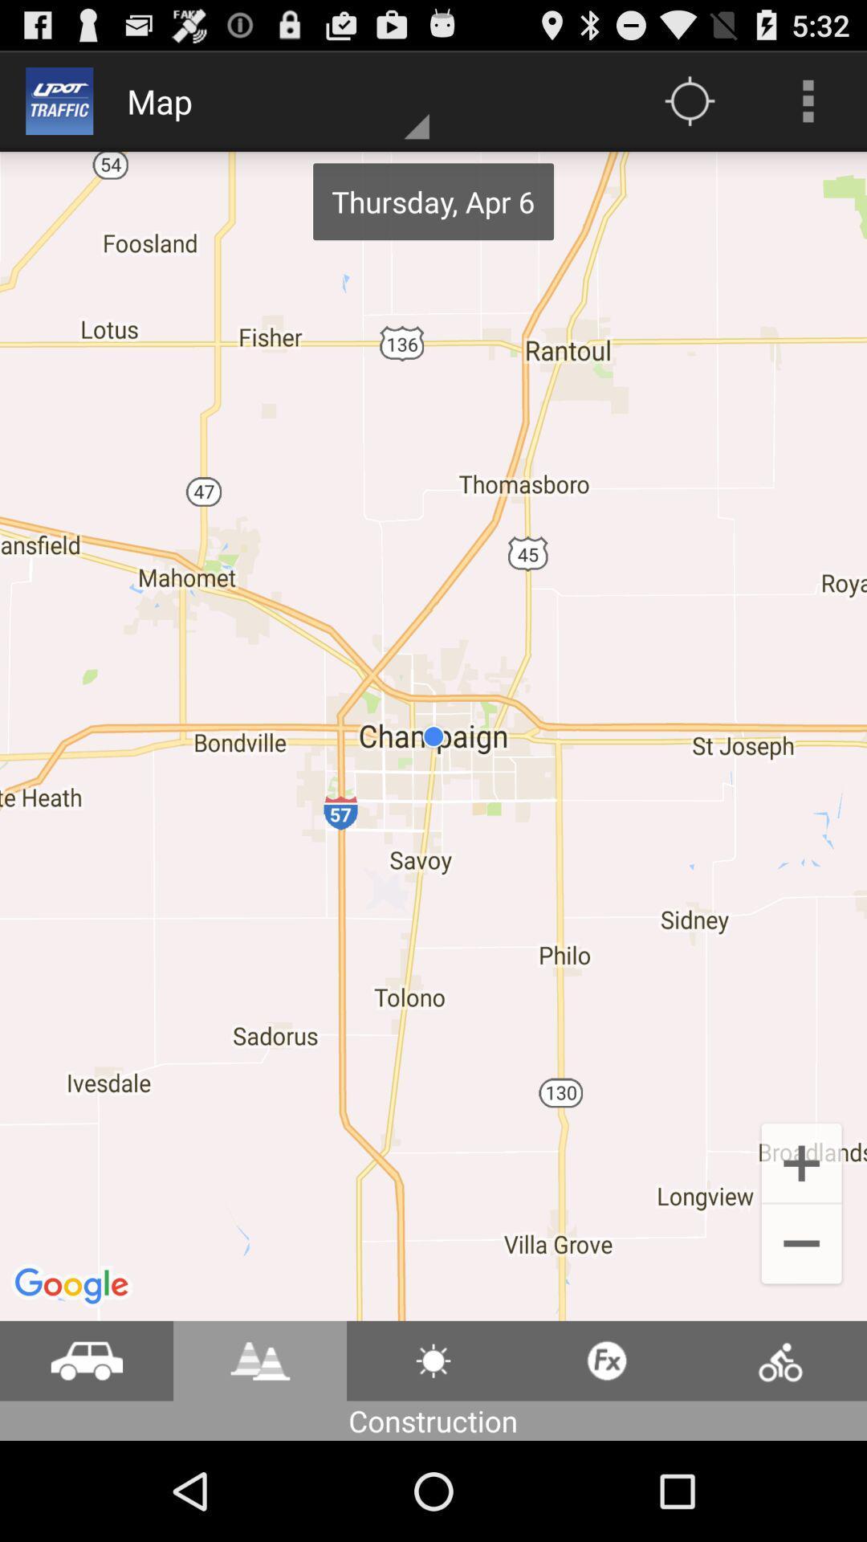 The image size is (867, 1542). What do you see at coordinates (433, 1360) in the screenshot?
I see `construction page` at bounding box center [433, 1360].